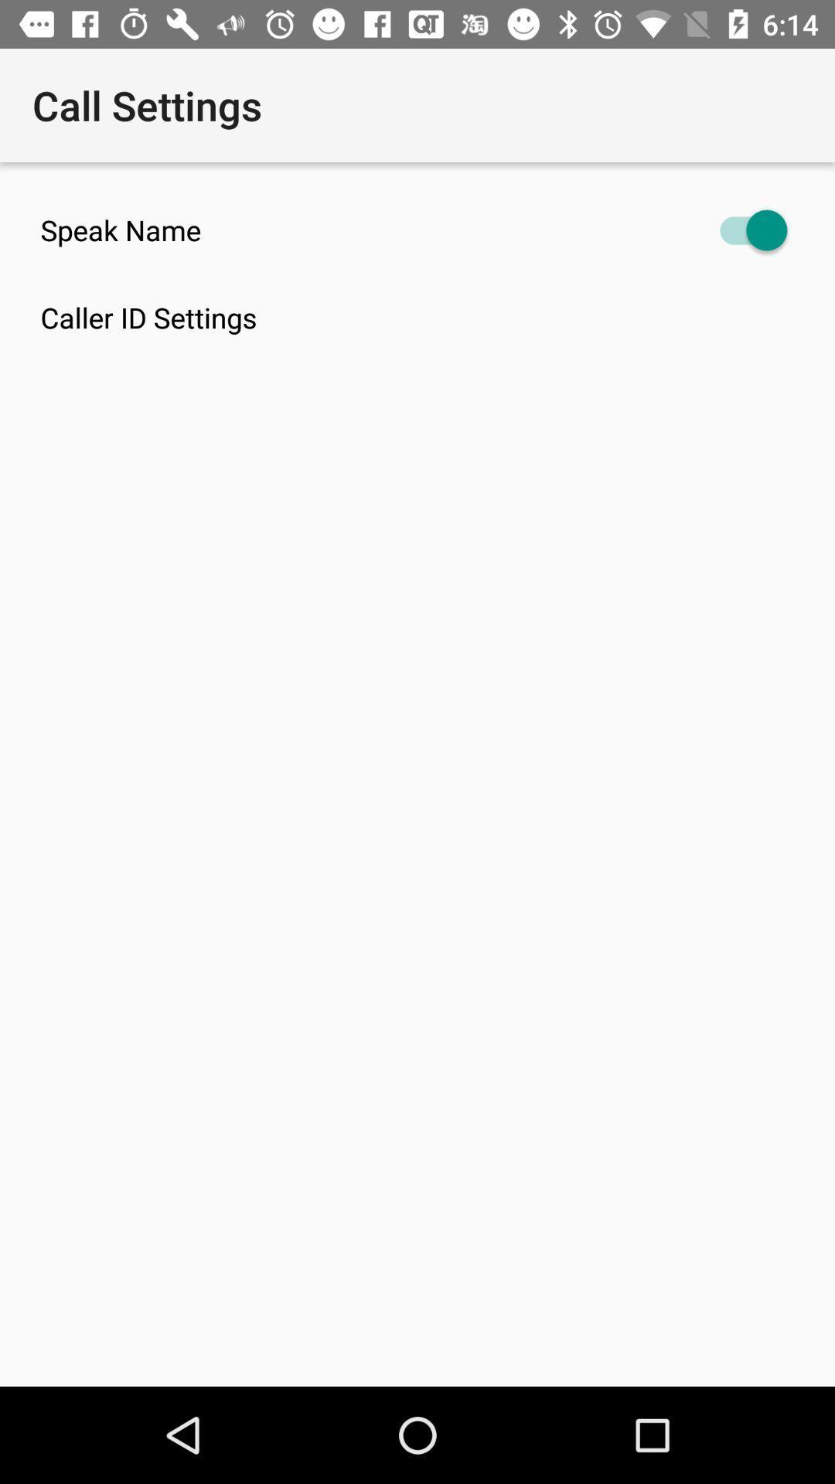 The height and width of the screenshot is (1484, 835). I want to click on icon below speak name item, so click(438, 317).